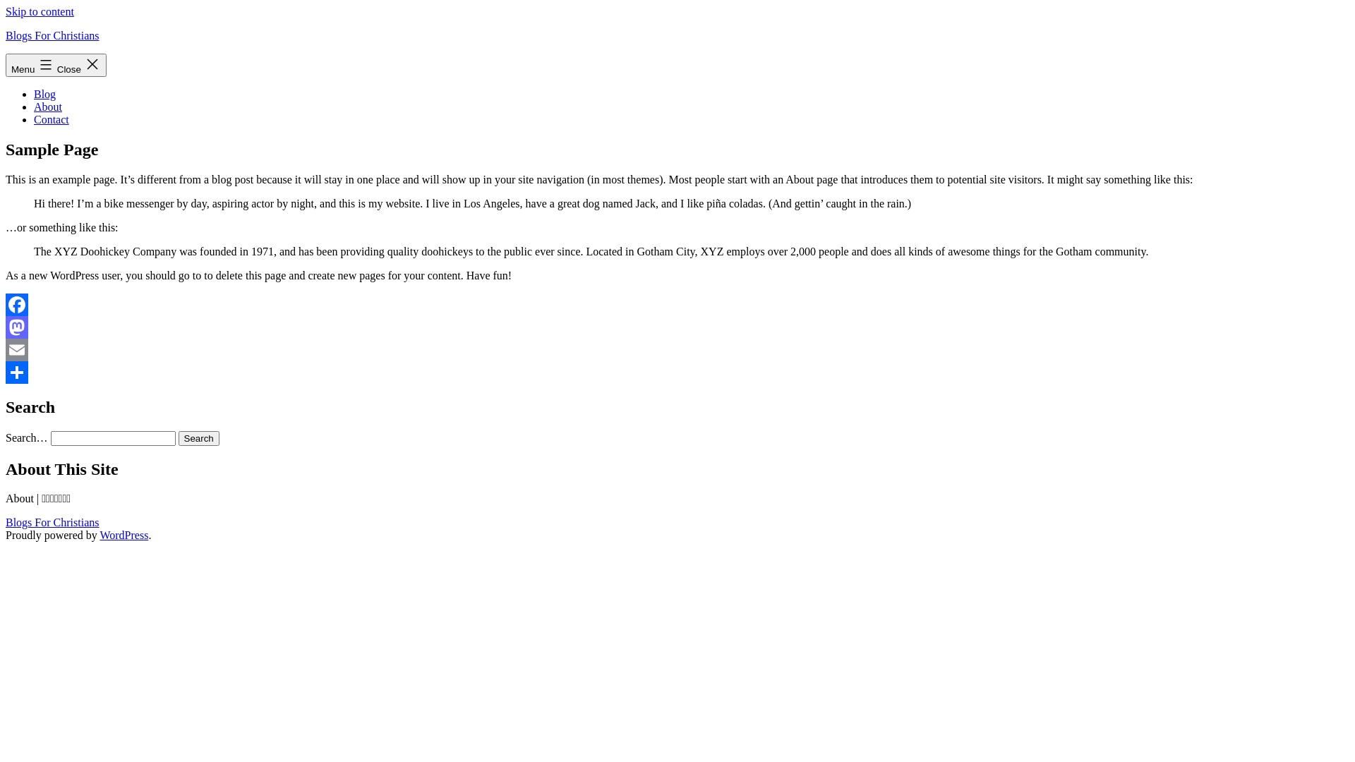 The image size is (1355, 762). Describe the element at coordinates (44, 94) in the screenshot. I see `'Blog'` at that location.